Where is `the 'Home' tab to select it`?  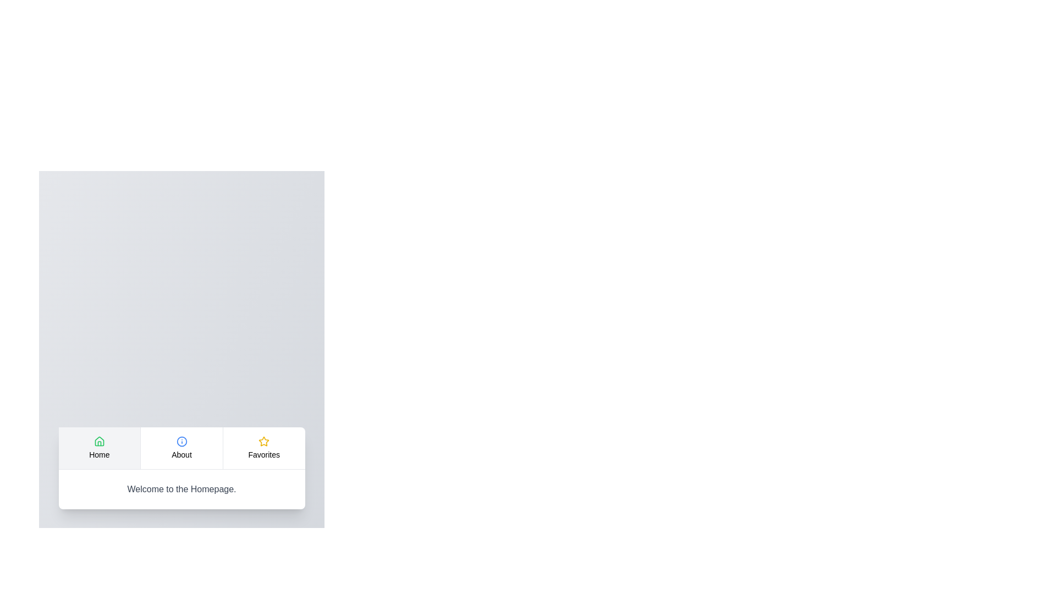 the 'Home' tab to select it is located at coordinates (99, 448).